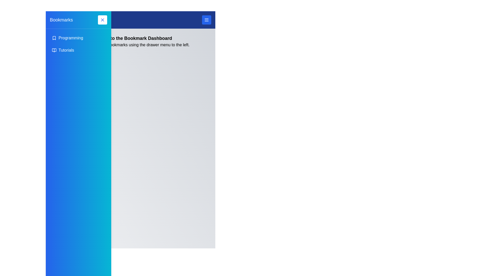  Describe the element at coordinates (54, 38) in the screenshot. I see `the blue vertically oriented bookmark icon located in the sidebar near the 'Programming' label` at that location.